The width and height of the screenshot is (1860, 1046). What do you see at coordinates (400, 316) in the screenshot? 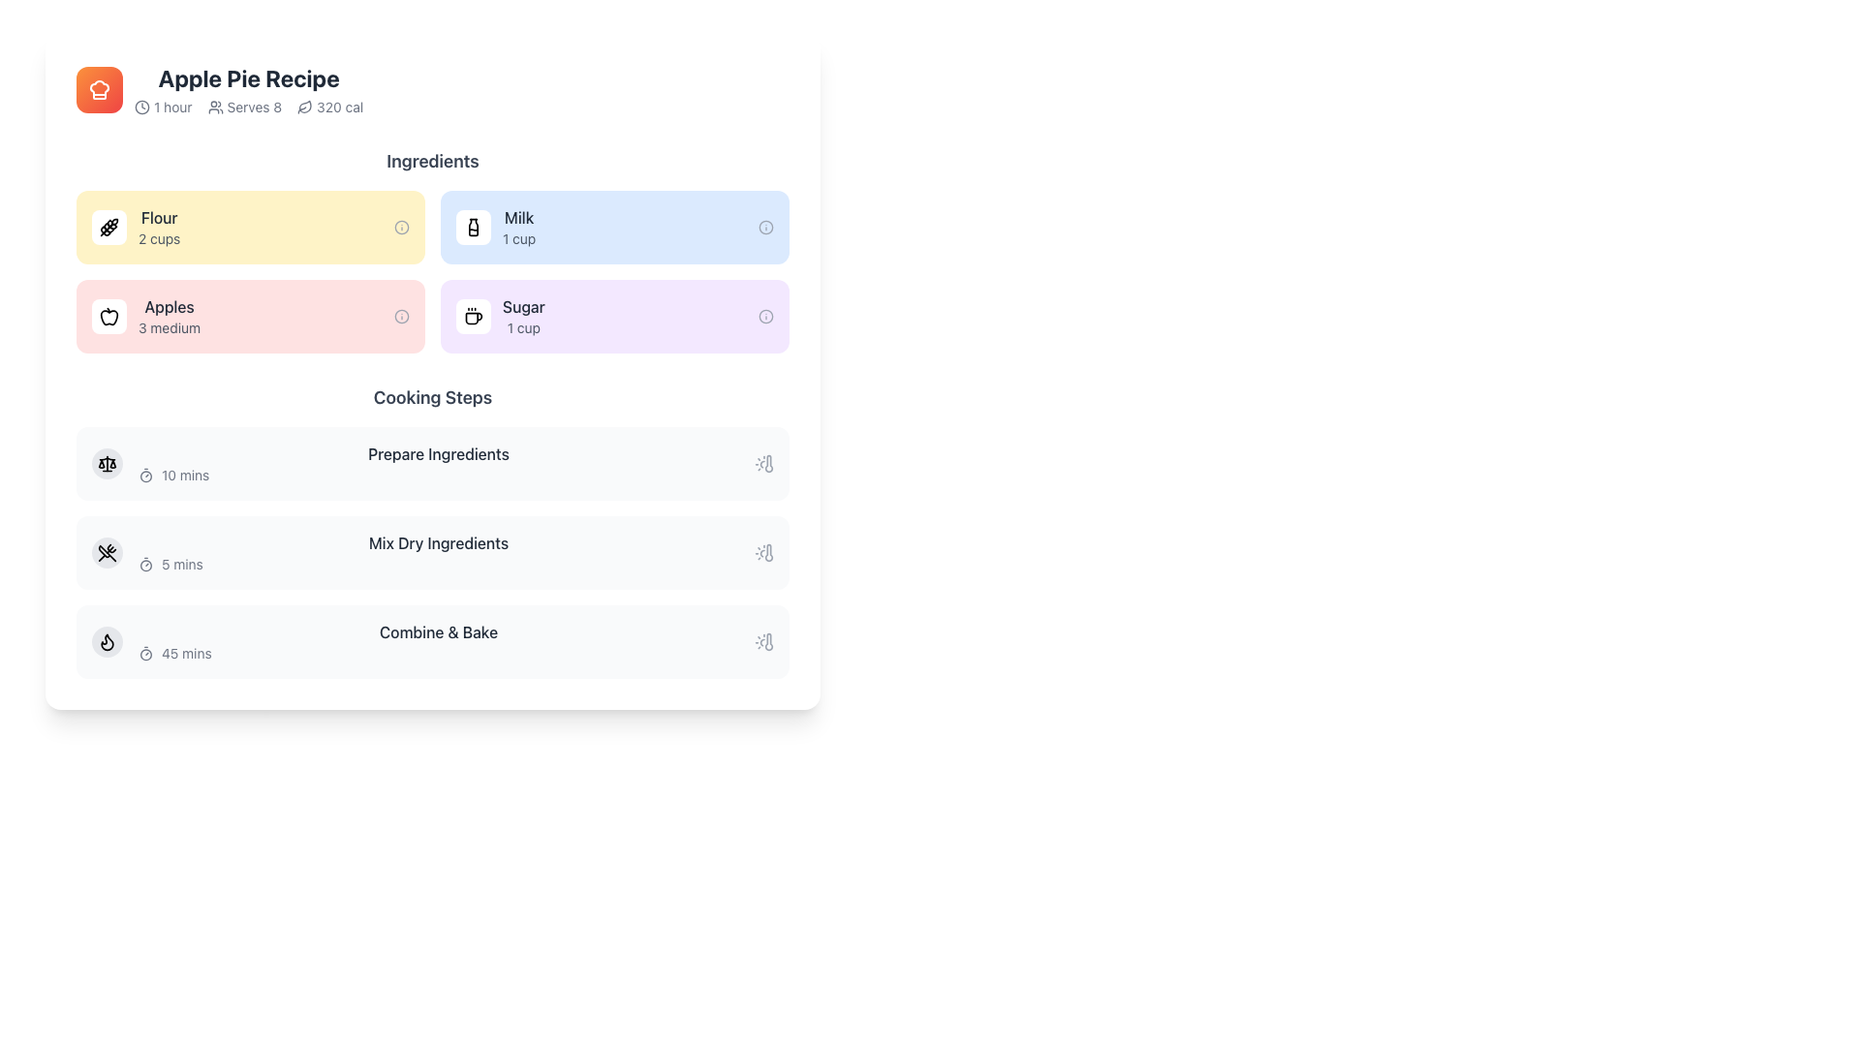
I see `the SVG circle element representing the information icon located at the top-right corner of the 'Apples' section by navigating via keyboard` at bounding box center [400, 316].